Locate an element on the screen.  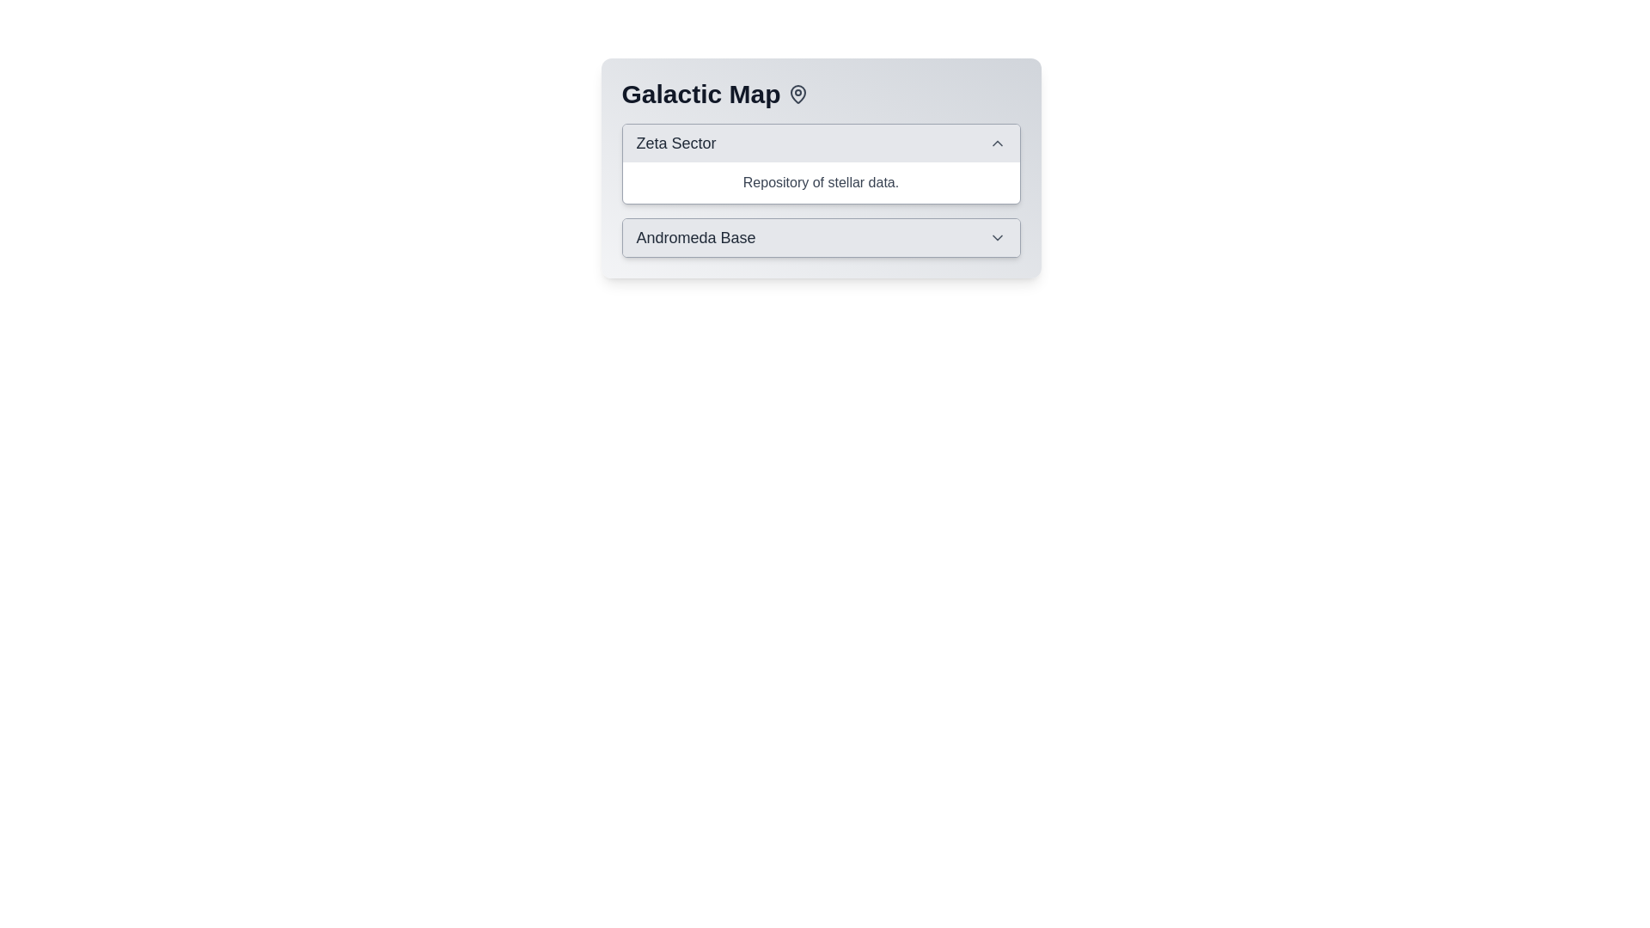
the text label displaying 'Andromeda Base' styled in bold dark gray on a lighter gray background, located under the 'Galactic Map' title is located at coordinates (696, 238).